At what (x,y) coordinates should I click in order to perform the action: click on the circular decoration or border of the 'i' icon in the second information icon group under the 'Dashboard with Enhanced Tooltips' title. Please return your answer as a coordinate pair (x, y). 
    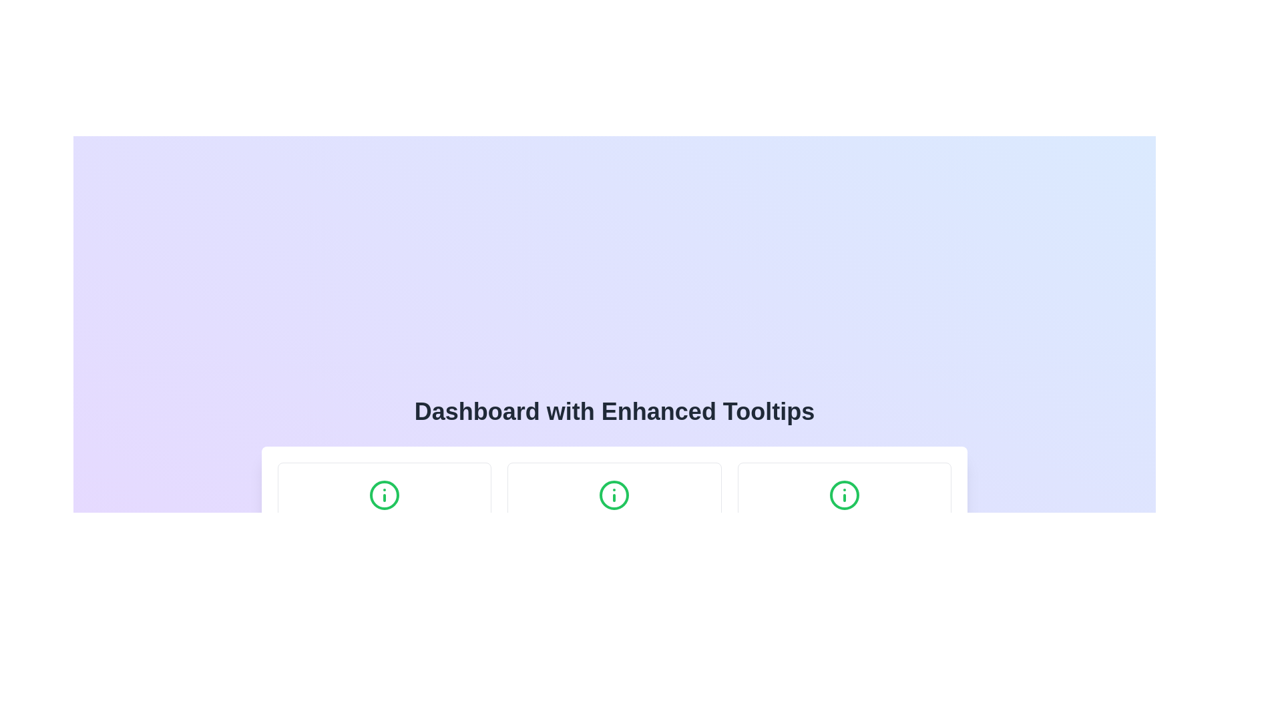
    Looking at the image, I should click on (614, 495).